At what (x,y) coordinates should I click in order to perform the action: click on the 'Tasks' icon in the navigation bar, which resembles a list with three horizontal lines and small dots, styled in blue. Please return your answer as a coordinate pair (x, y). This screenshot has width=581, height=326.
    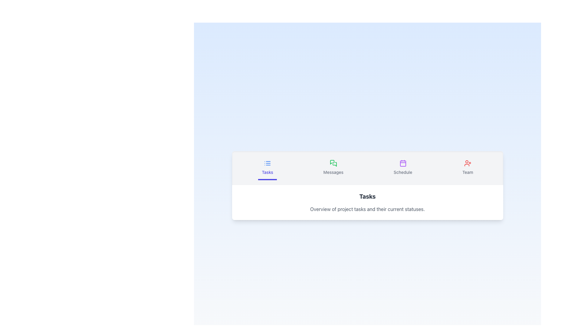
    Looking at the image, I should click on (267, 163).